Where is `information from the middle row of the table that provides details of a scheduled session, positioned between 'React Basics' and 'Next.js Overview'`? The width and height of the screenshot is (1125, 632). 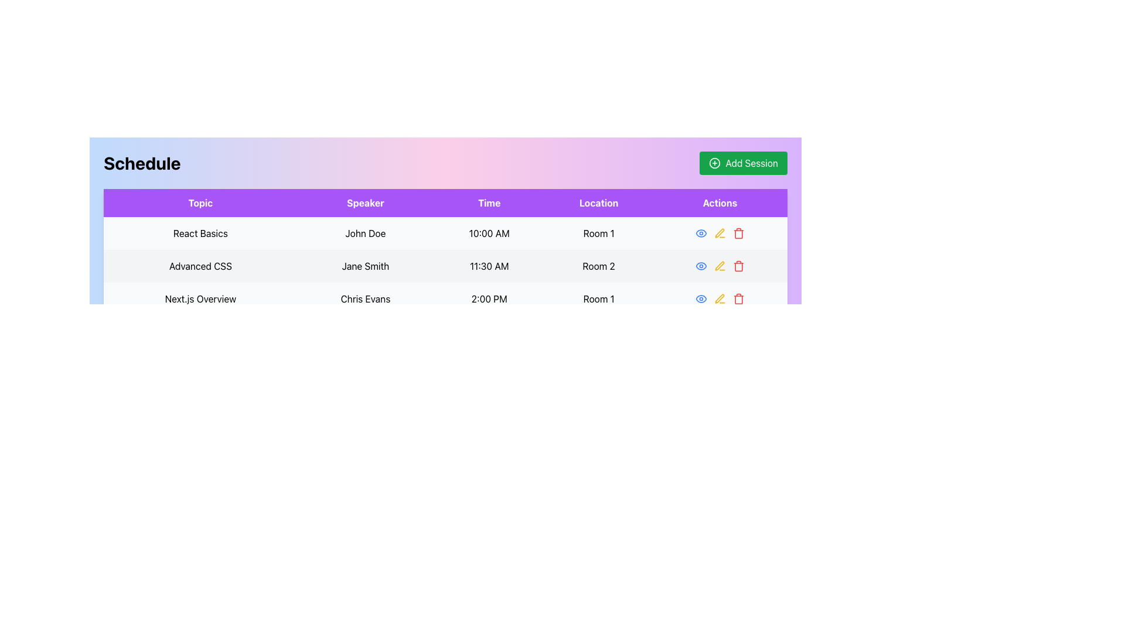 information from the middle row of the table that provides details of a scheduled session, positioned between 'React Basics' and 'Next.js Overview' is located at coordinates (445, 266).